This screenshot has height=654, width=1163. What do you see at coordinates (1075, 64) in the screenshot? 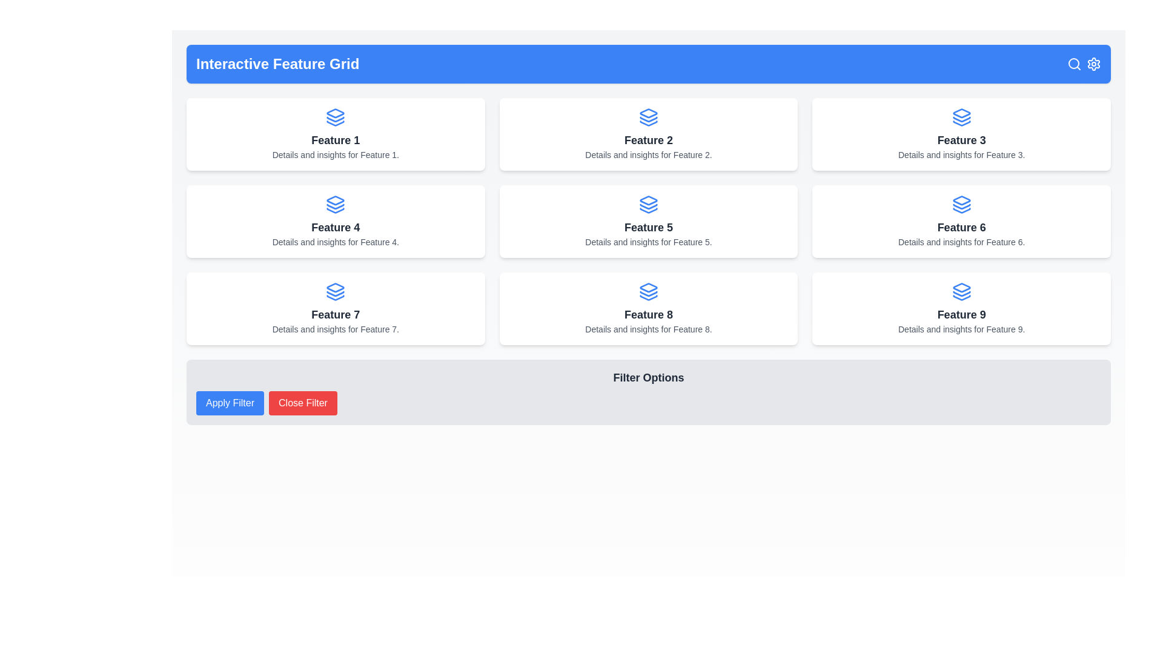
I see `the magnifying glass icon button located at the top-right corner of the interface to initiate a search` at bounding box center [1075, 64].